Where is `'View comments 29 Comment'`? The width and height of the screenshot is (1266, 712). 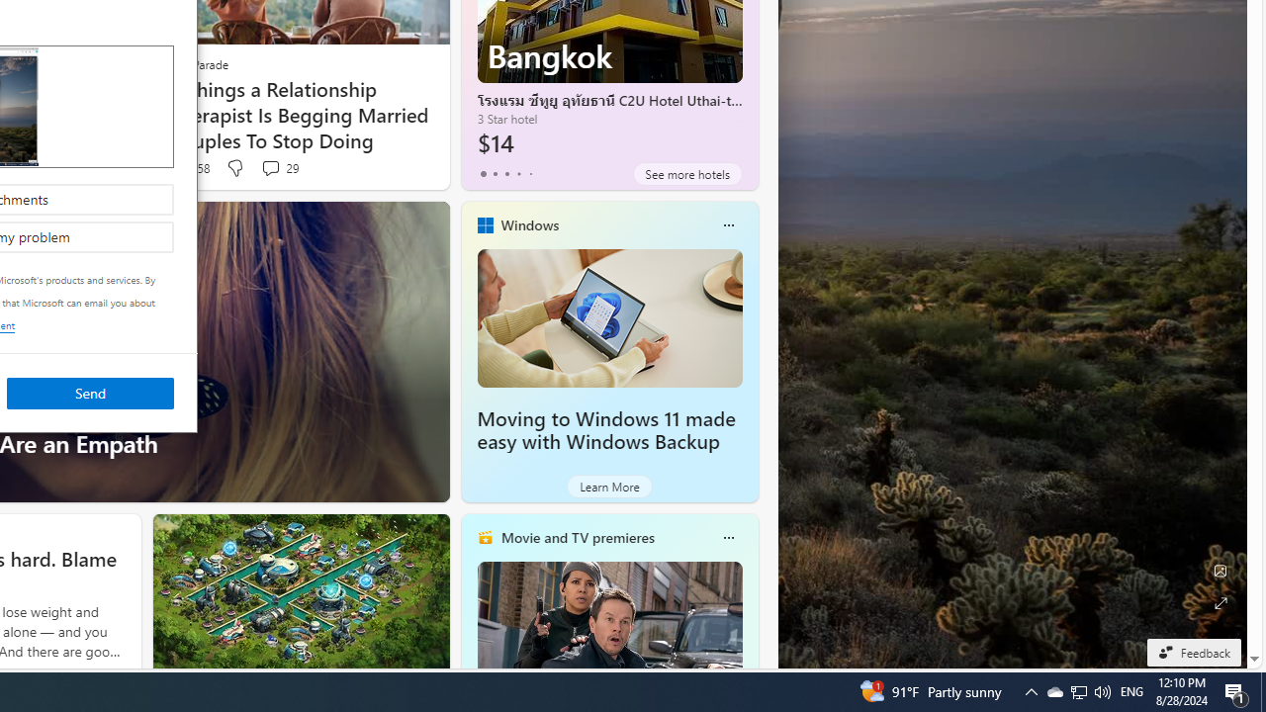
'View comments 29 Comment' is located at coordinates (278, 167).